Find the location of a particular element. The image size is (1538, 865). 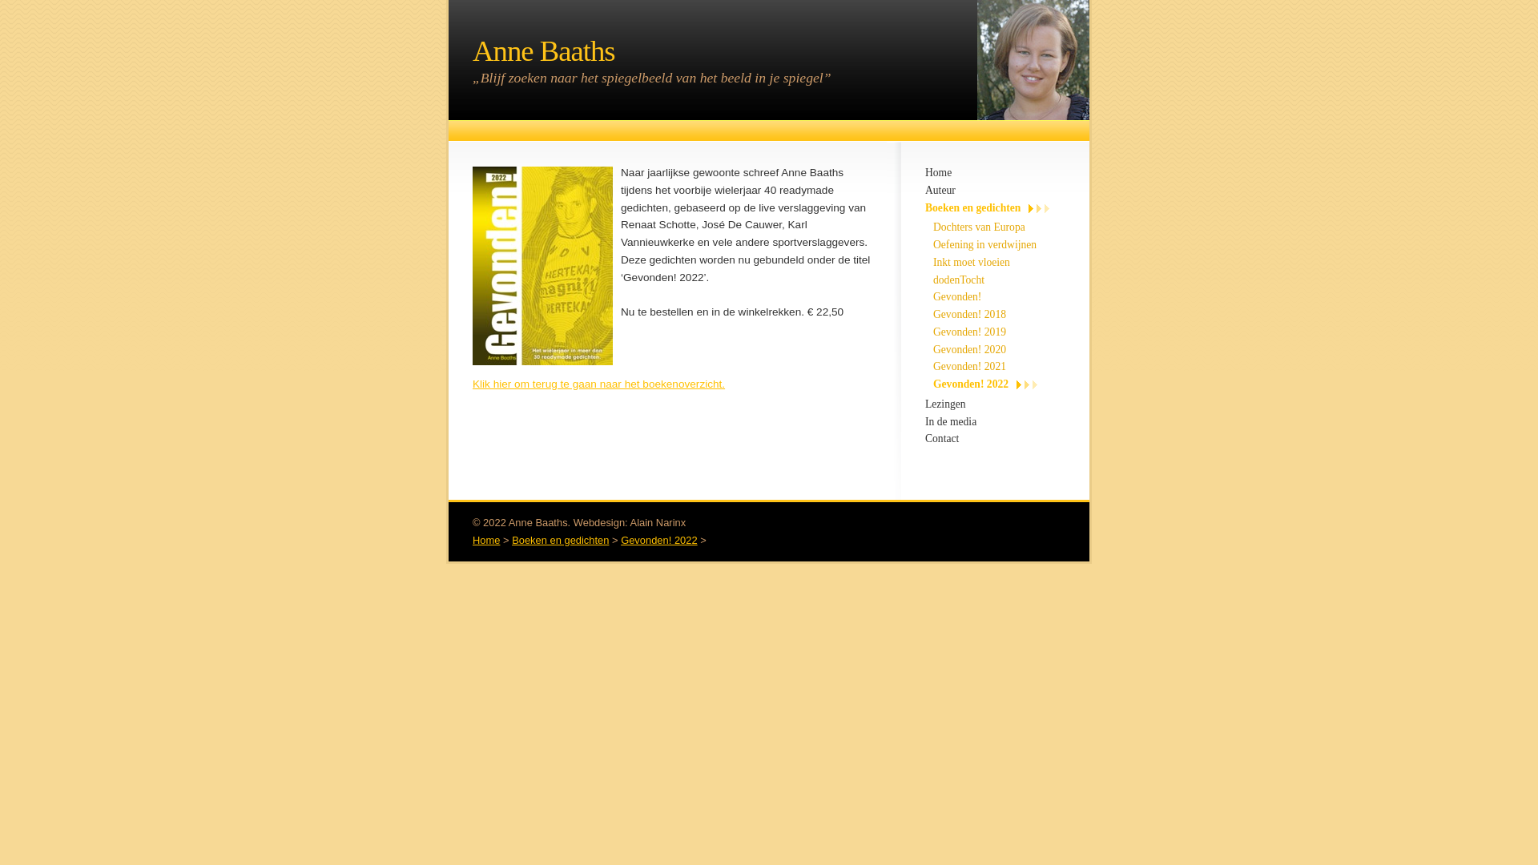

'Lezingen' is located at coordinates (945, 403).